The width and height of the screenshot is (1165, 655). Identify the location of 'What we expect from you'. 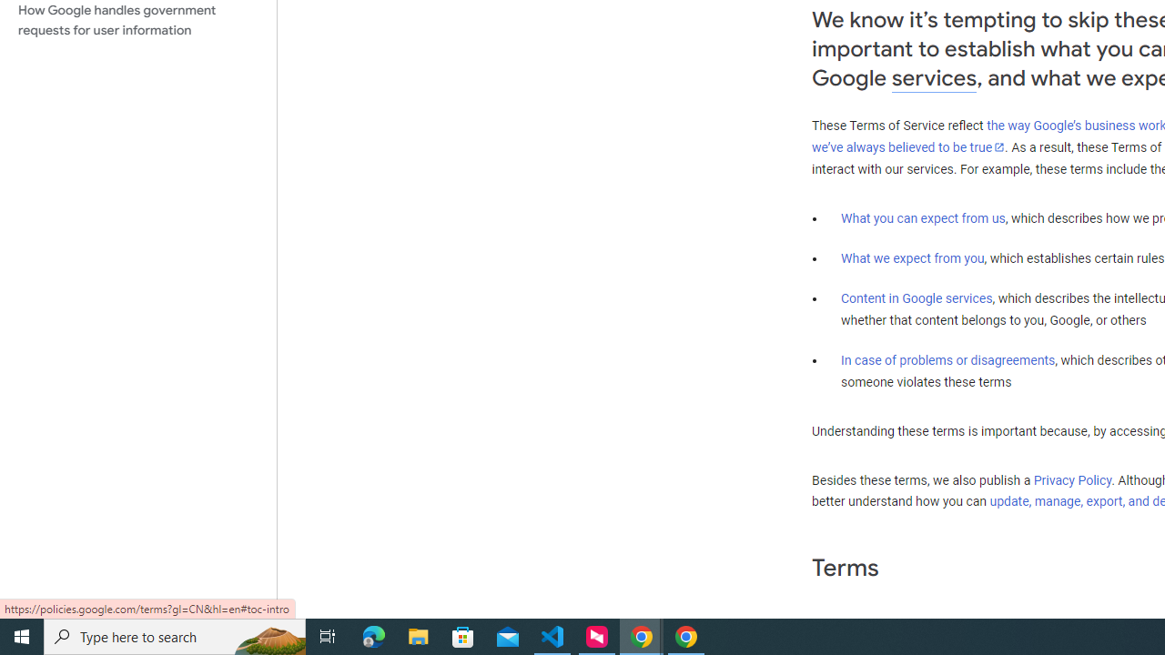
(912, 258).